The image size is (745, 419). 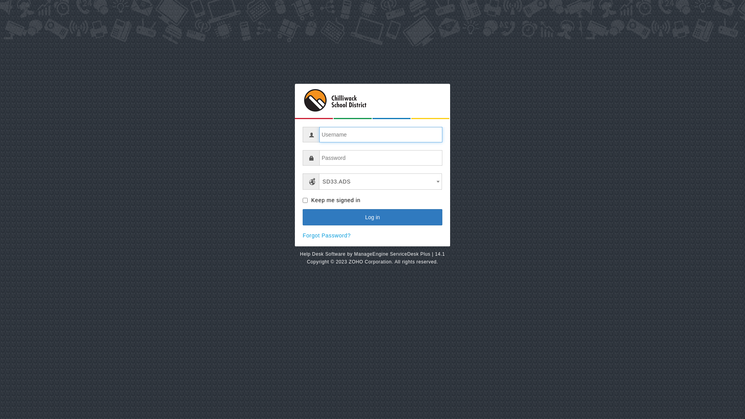 What do you see at coordinates (326, 235) in the screenshot?
I see `'Forgot Password?'` at bounding box center [326, 235].